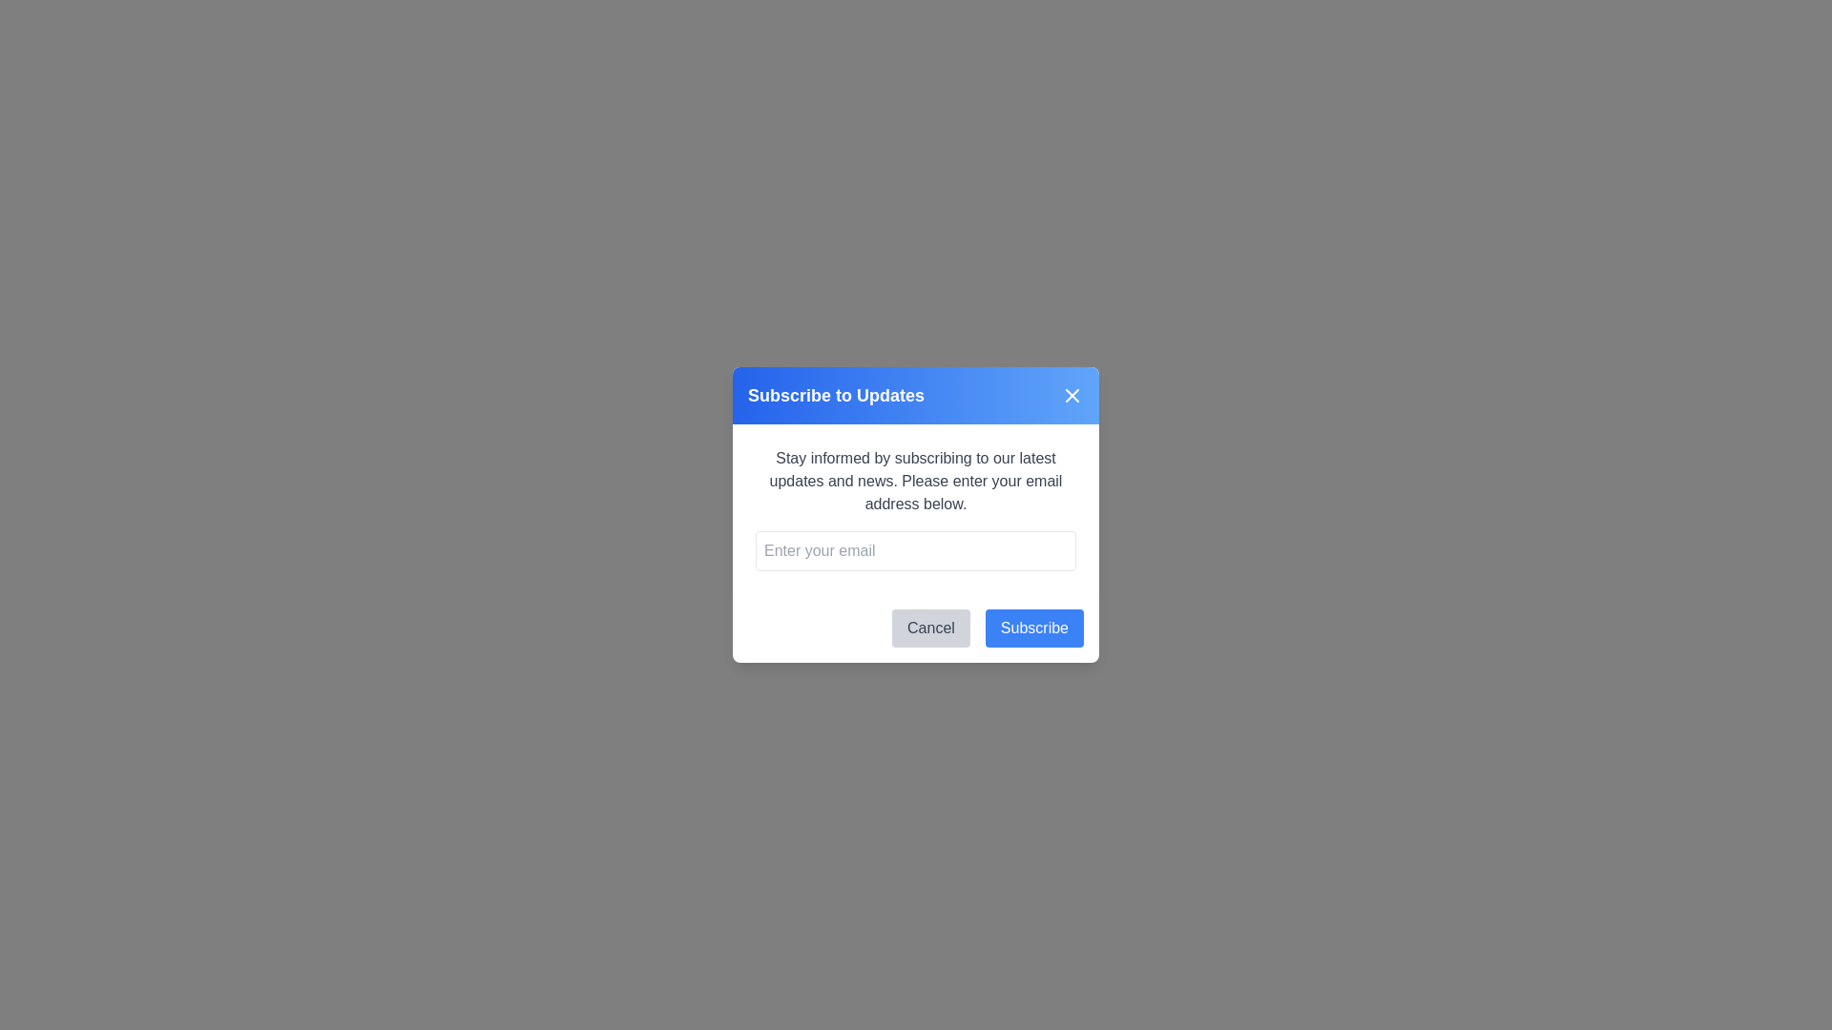 Image resolution: width=1832 pixels, height=1030 pixels. What do you see at coordinates (1033, 628) in the screenshot?
I see `the Subscribe button to submit the email address` at bounding box center [1033, 628].